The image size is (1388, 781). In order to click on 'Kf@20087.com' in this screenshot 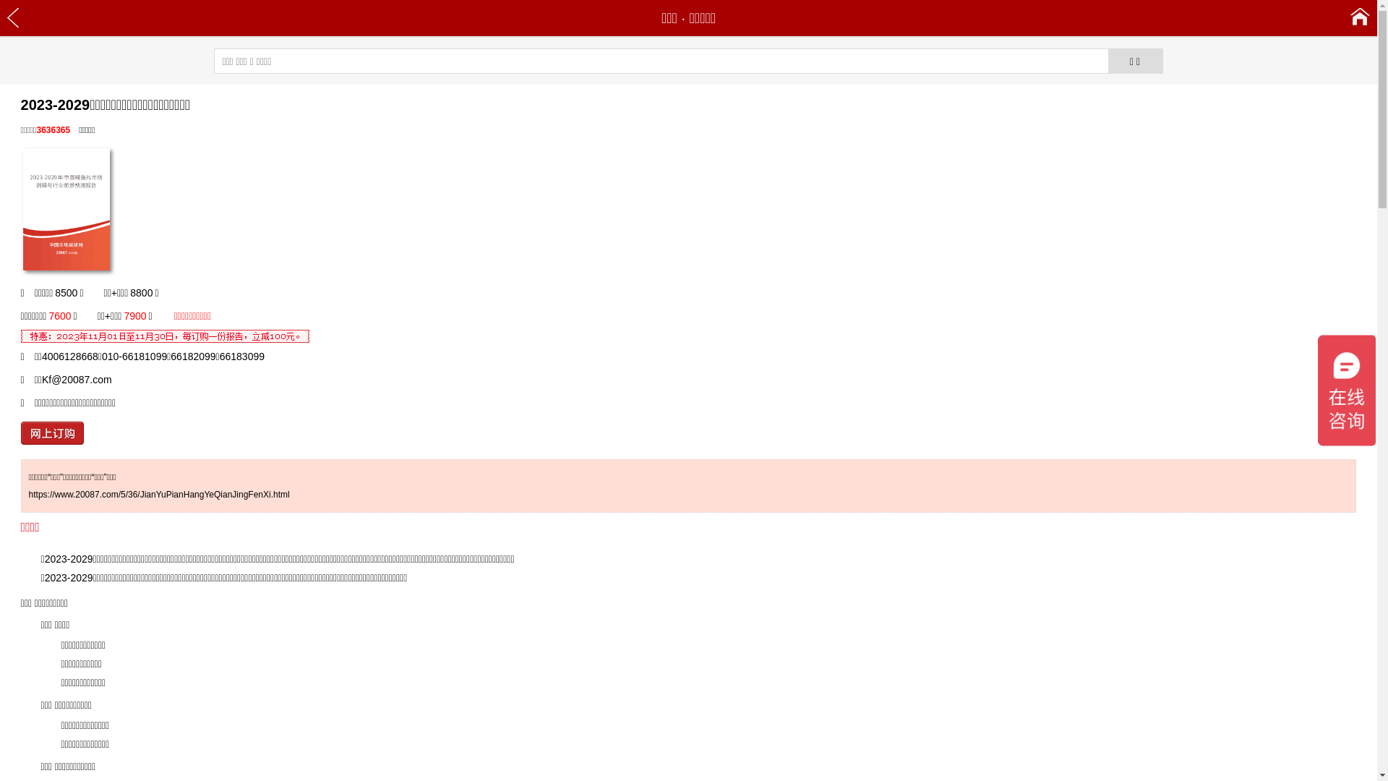, I will do `click(76, 378)`.